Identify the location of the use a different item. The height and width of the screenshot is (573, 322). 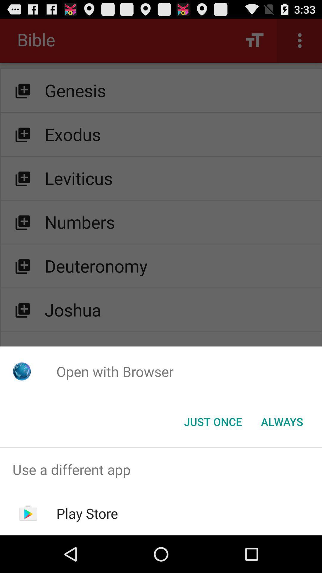
(161, 469).